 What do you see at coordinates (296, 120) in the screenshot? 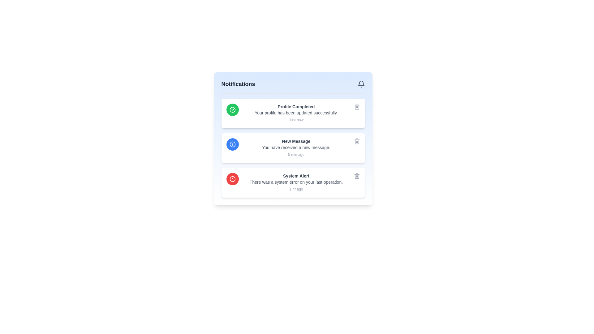
I see `the text label indicating the relative time of the 'Profile Completed' notification, which is positioned below the 'Your profile has been updated successfully.' message in the notifications panel` at bounding box center [296, 120].